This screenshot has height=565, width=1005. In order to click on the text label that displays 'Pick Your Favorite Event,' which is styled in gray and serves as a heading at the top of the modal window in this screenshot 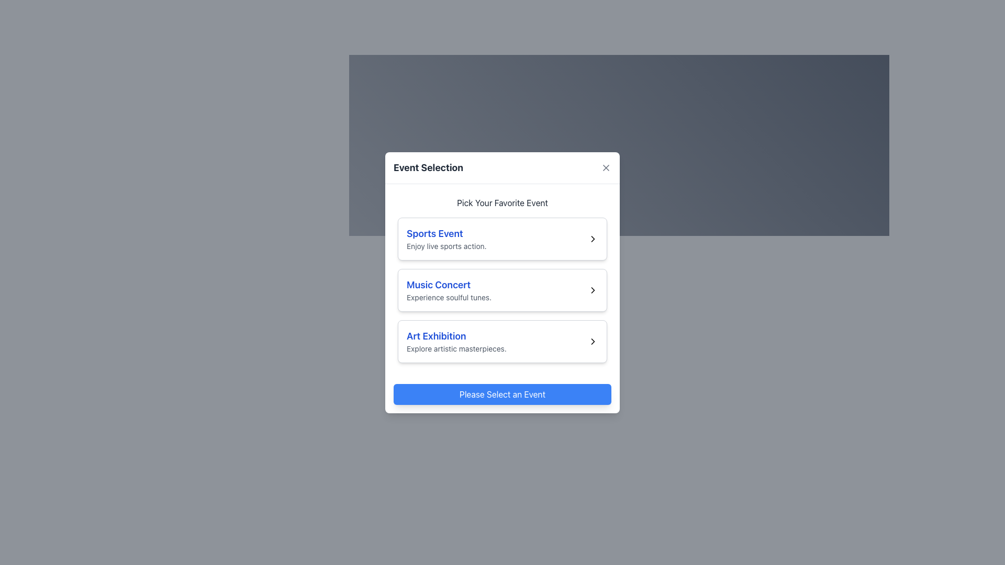, I will do `click(502, 202)`.